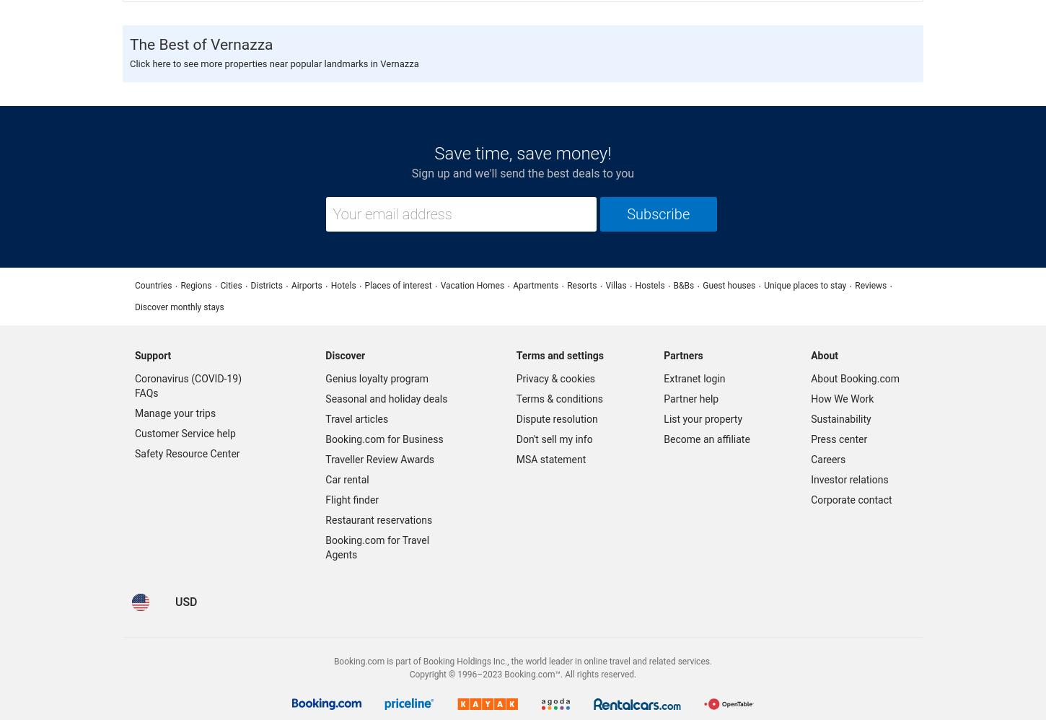  Describe the element at coordinates (471, 284) in the screenshot. I see `'Vacation Homes'` at that location.